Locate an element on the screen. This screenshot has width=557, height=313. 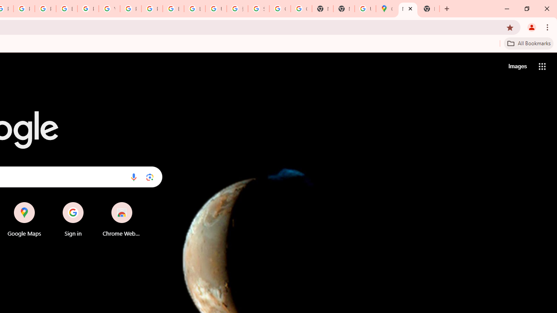
'New Tab' is located at coordinates (407, 9).